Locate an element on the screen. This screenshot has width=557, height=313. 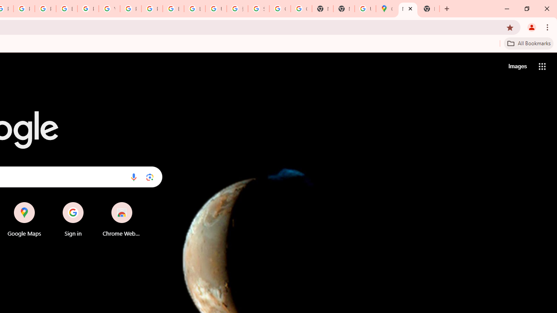
'New Tab' is located at coordinates (407, 9).